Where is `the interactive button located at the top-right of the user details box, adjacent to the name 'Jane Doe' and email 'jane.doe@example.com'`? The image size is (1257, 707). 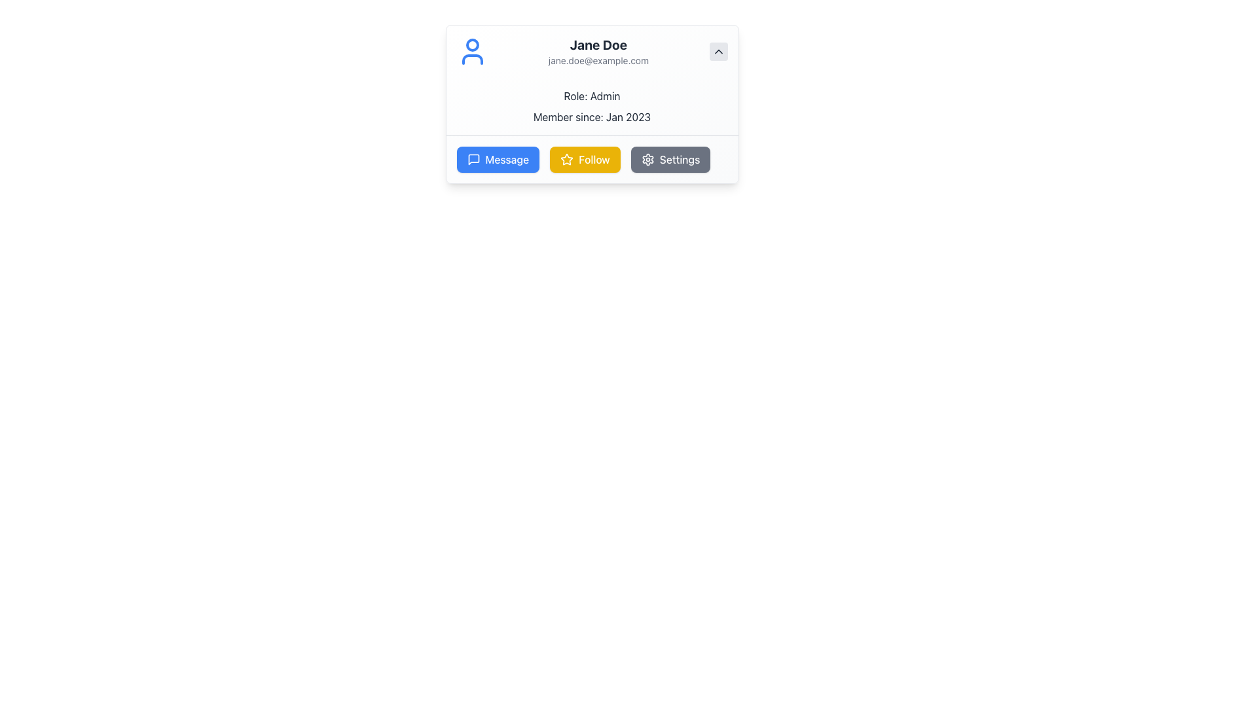 the interactive button located at the top-right of the user details box, adjacent to the name 'Jane Doe' and email 'jane.doe@example.com' is located at coordinates (718, 50).